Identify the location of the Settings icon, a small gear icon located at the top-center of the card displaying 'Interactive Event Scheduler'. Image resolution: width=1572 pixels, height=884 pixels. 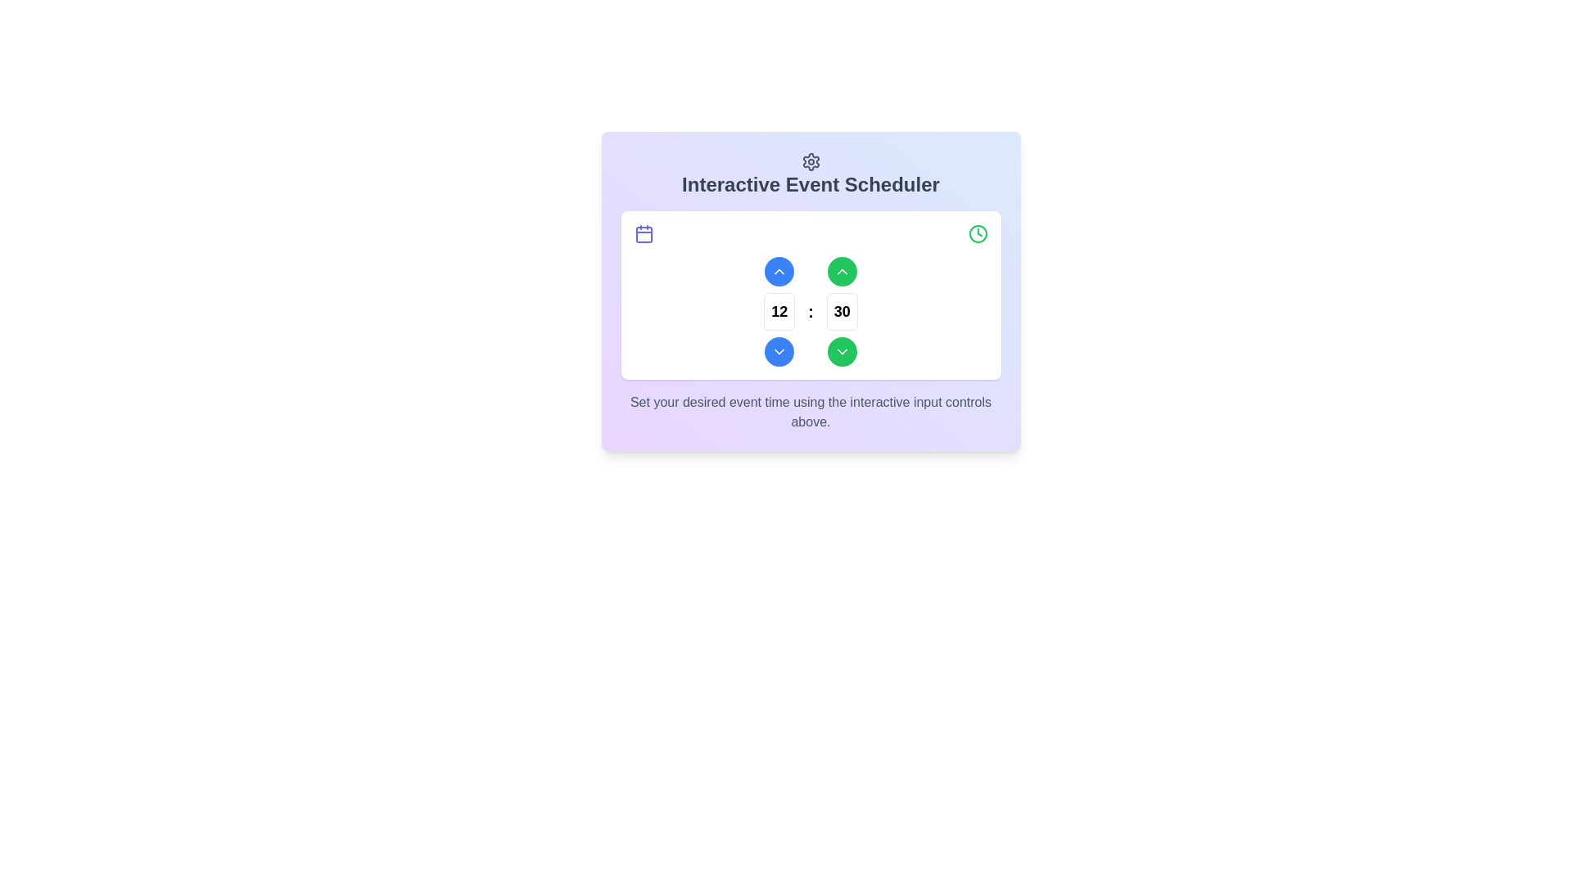
(811, 161).